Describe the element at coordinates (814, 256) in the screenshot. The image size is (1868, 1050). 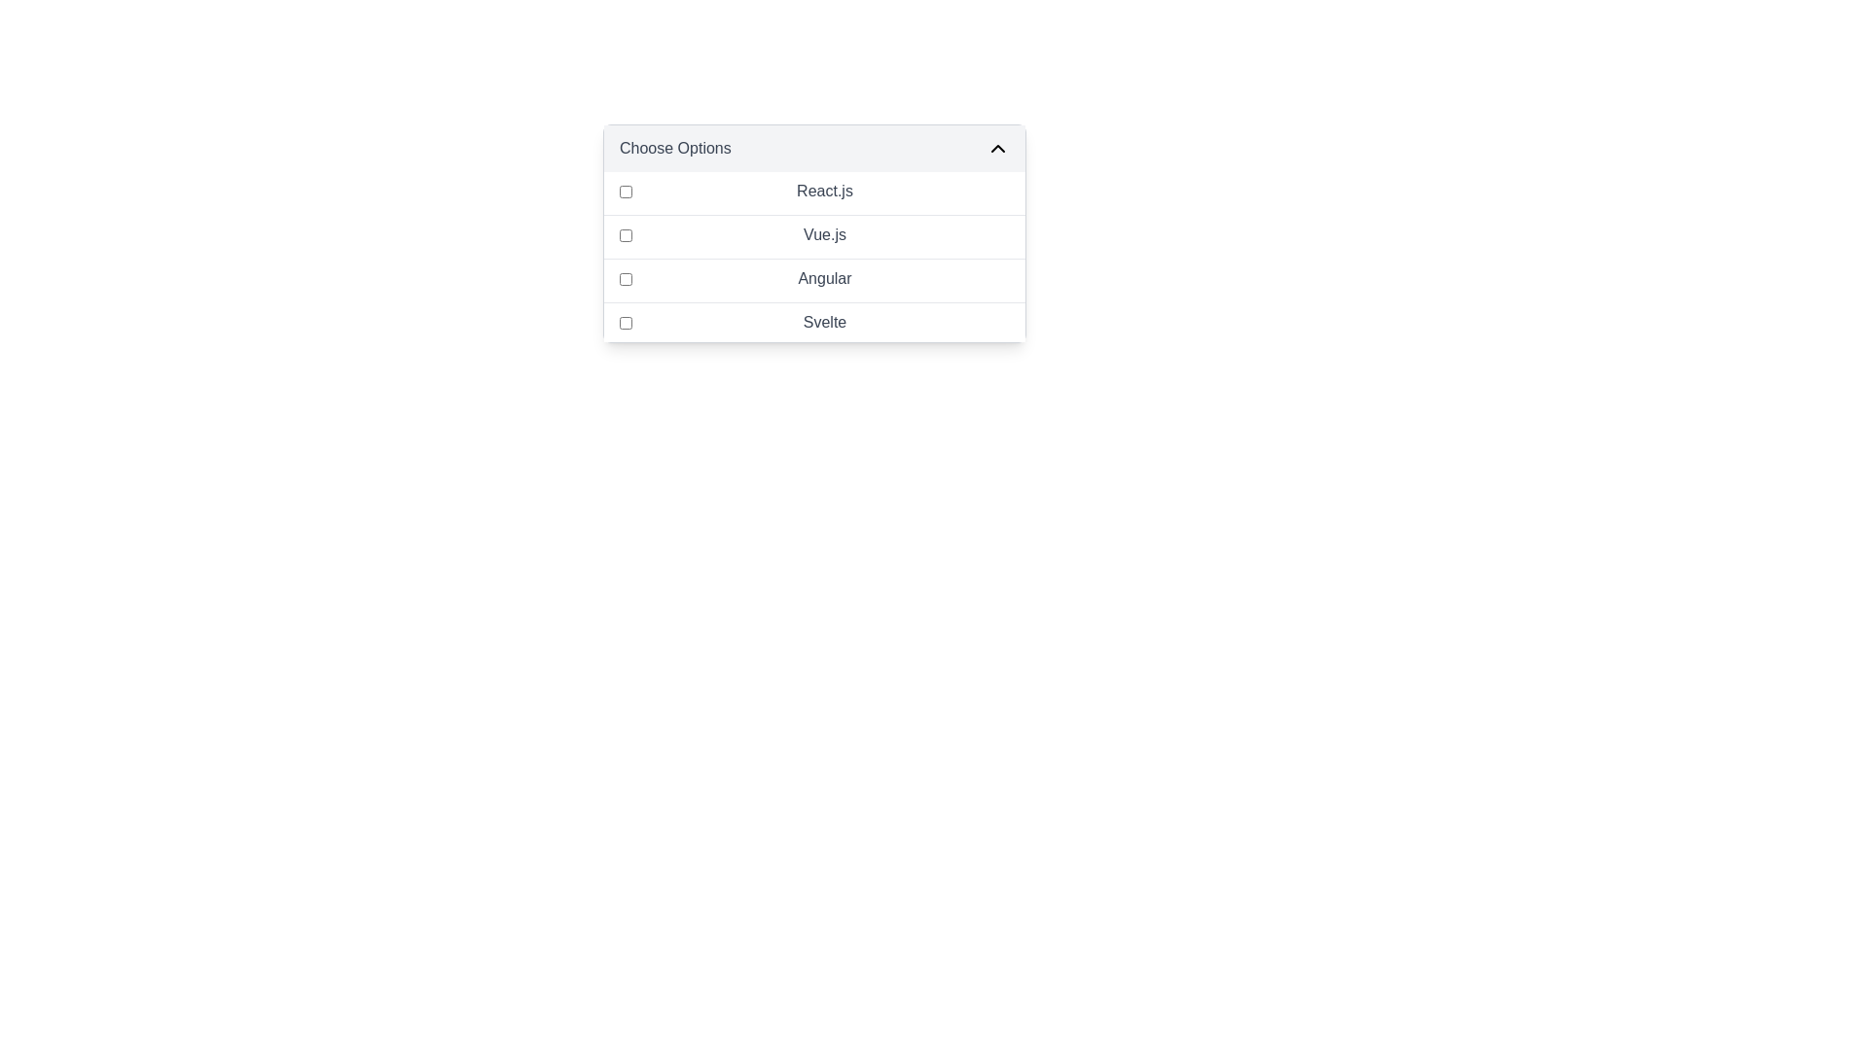
I see `the checkbox-input pair` at that location.